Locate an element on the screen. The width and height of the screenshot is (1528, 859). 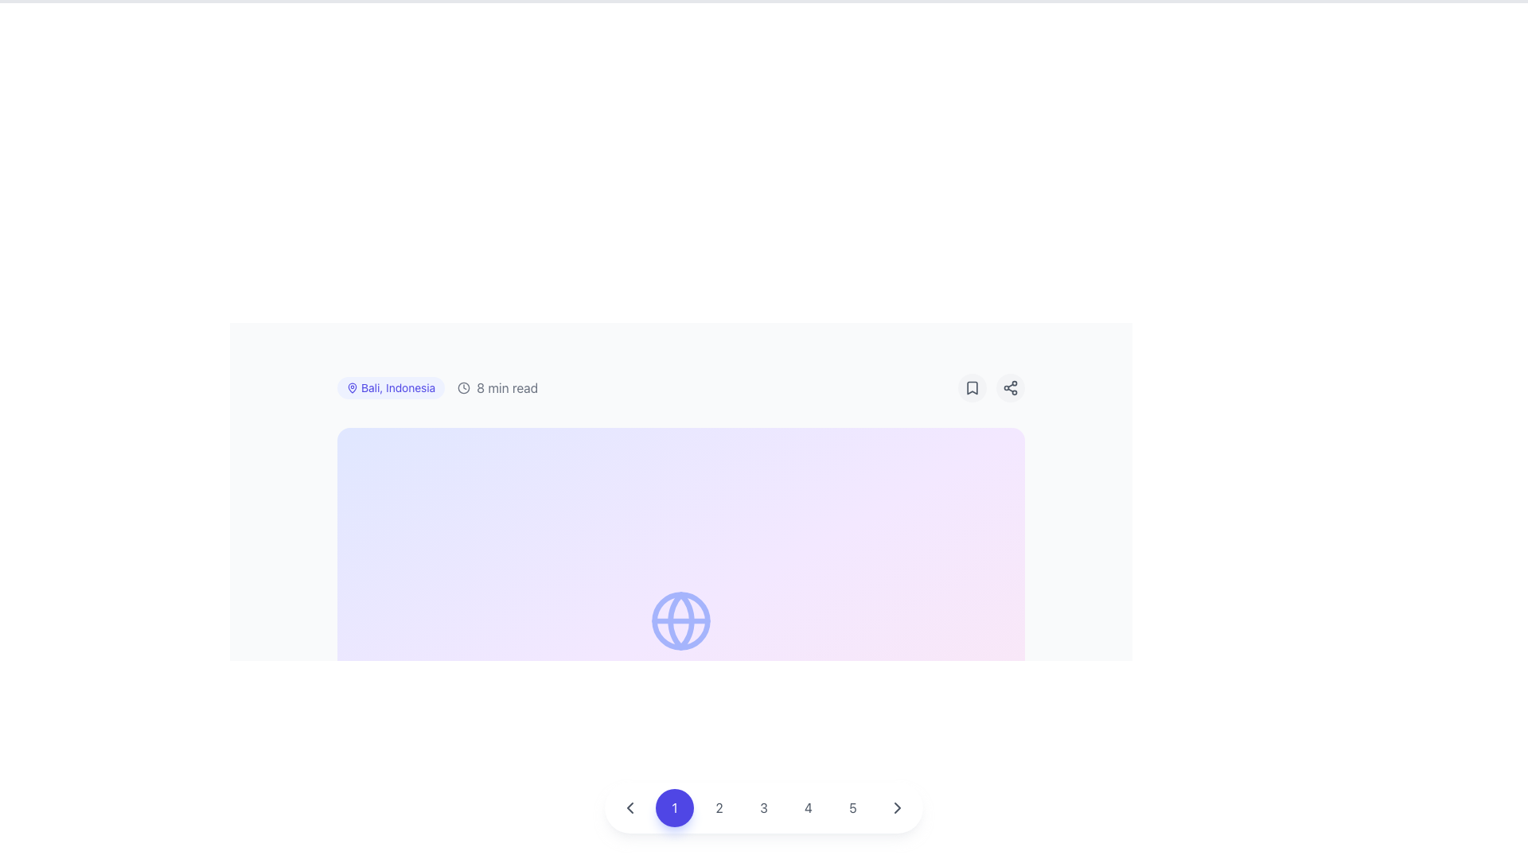
the globe icon with a circular boundary and longitude/latitude lines, styled in soft indigo color, located in the middle section of the interface is located at coordinates (680, 620).